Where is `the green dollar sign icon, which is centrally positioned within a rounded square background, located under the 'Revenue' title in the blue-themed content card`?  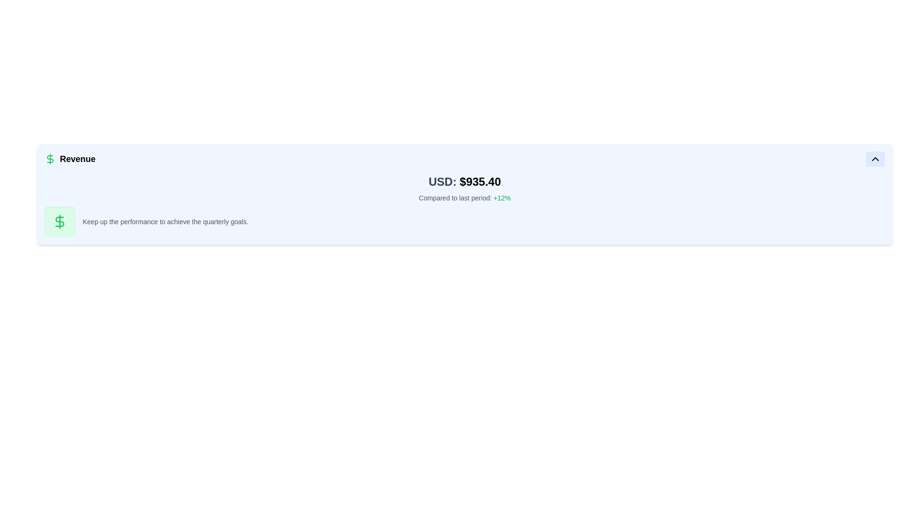
the green dollar sign icon, which is centrally positioned within a rounded square background, located under the 'Revenue' title in the blue-themed content card is located at coordinates (59, 221).